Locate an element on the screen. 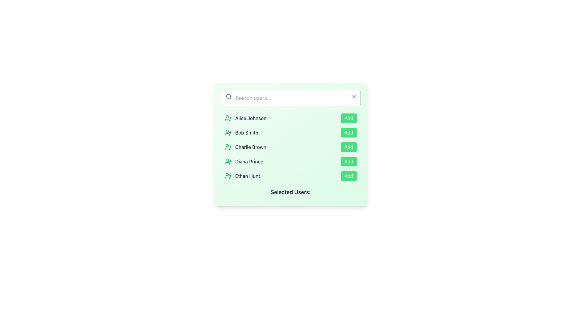 The height and width of the screenshot is (325, 578). on the text label displaying the name 'Bob Smith' is located at coordinates (241, 132).